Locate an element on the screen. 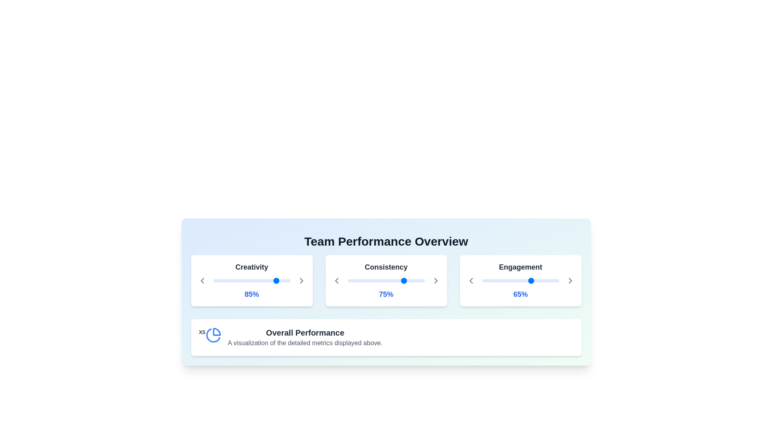 Image resolution: width=768 pixels, height=432 pixels. the consistency score is located at coordinates (401, 280).